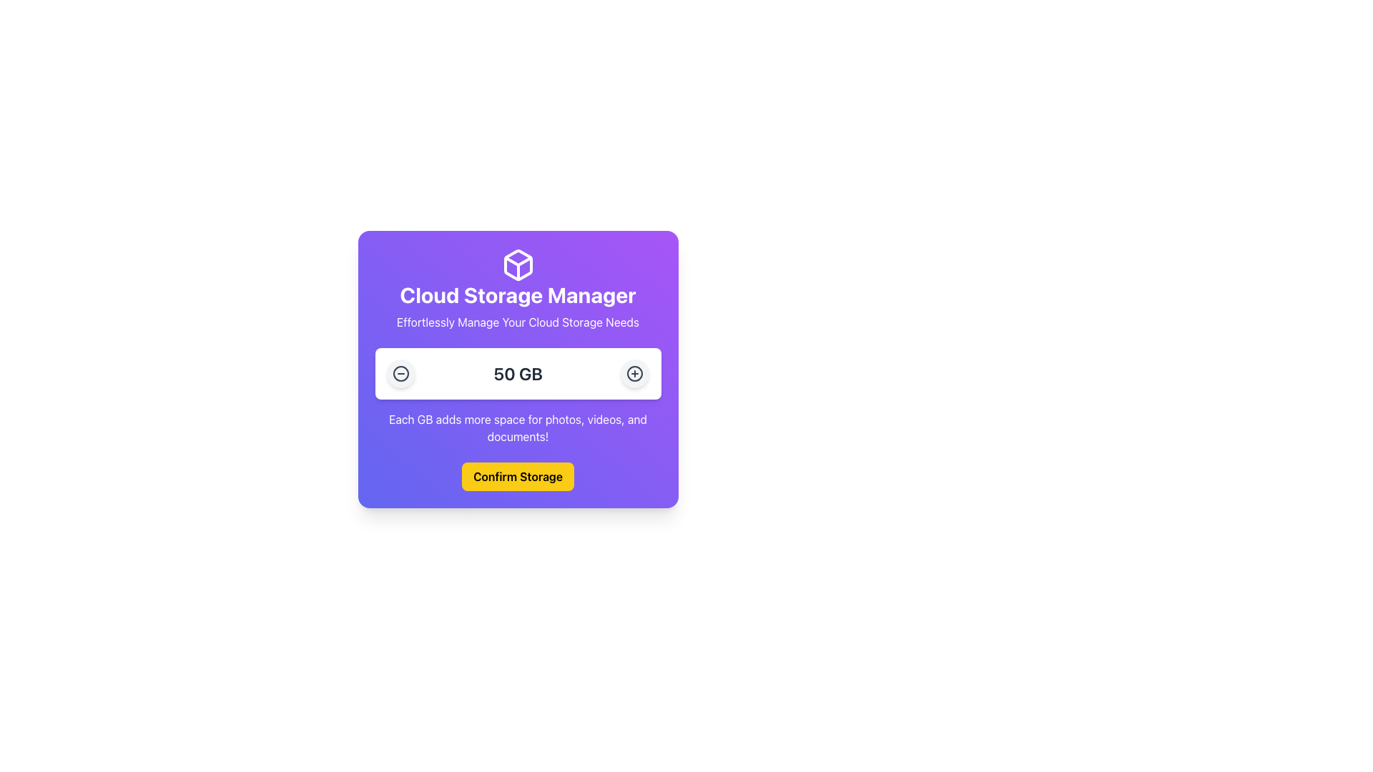  What do you see at coordinates (400, 373) in the screenshot?
I see `the minus icon button located on the left side of the horizontal number input field to decrease the associated storage size value` at bounding box center [400, 373].